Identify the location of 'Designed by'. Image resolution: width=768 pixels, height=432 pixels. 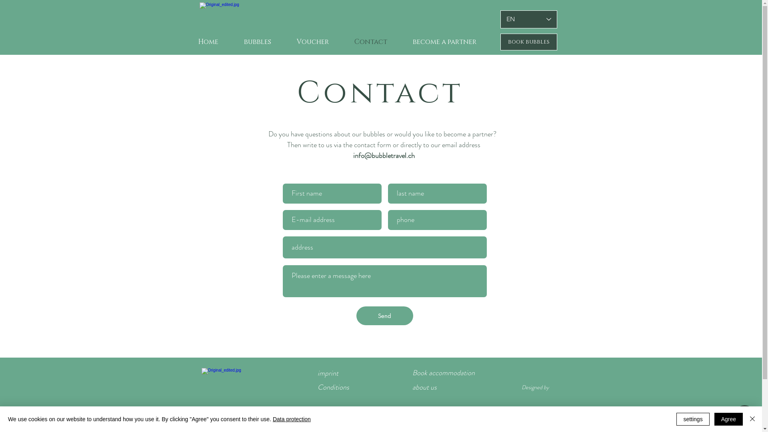
(535, 387).